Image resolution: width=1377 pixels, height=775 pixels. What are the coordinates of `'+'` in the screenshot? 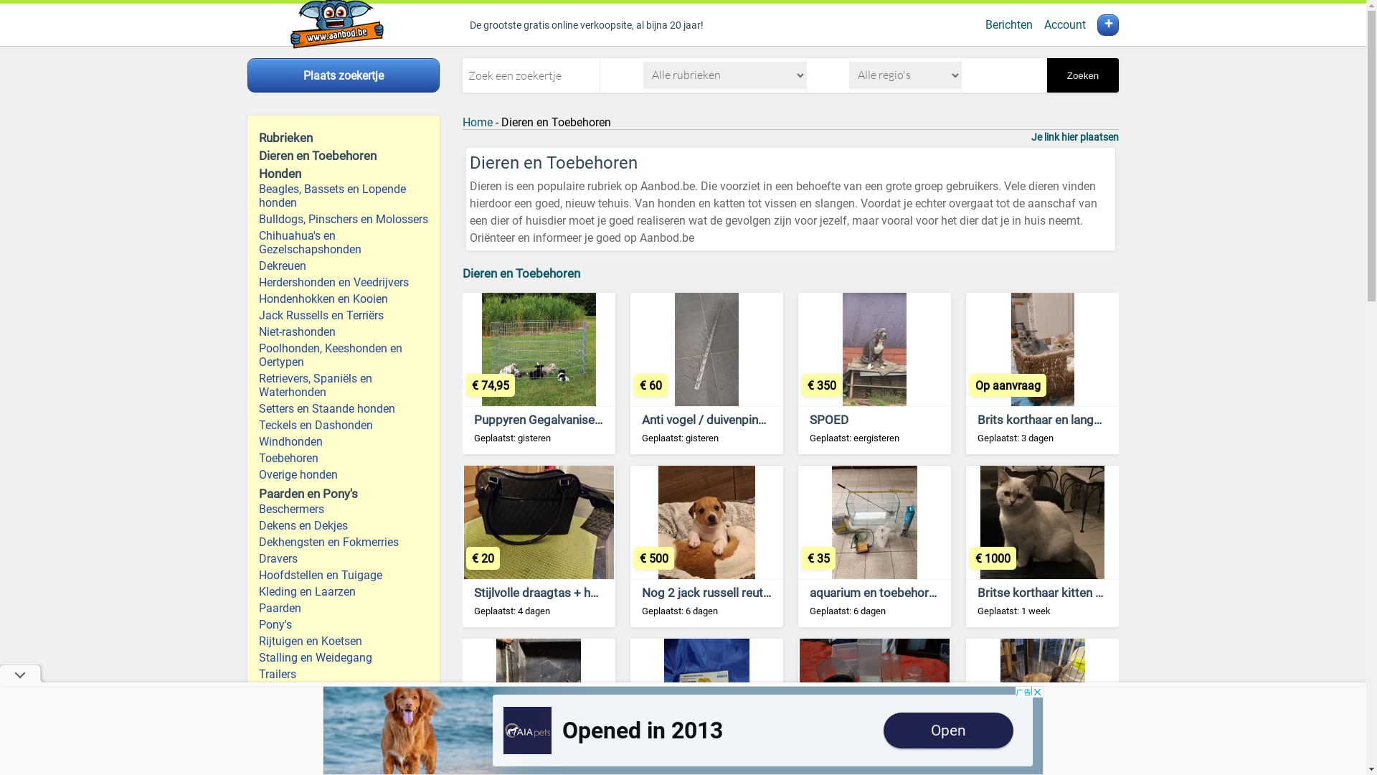 It's located at (1097, 24).